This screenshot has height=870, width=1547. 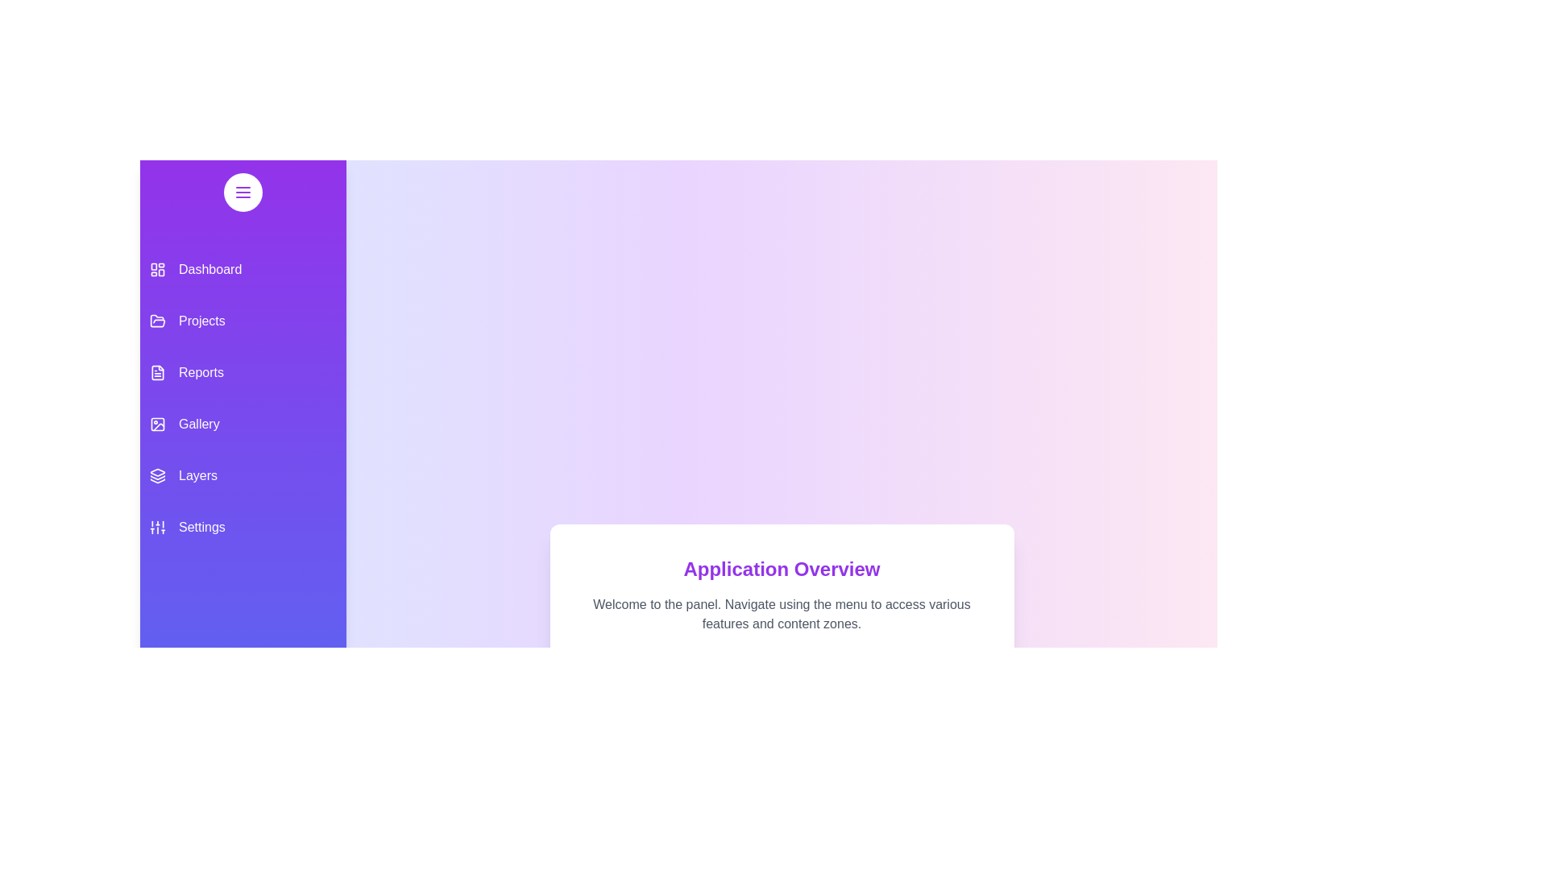 I want to click on the menu item Layers from the drawer to navigate to its respective section, so click(x=243, y=474).